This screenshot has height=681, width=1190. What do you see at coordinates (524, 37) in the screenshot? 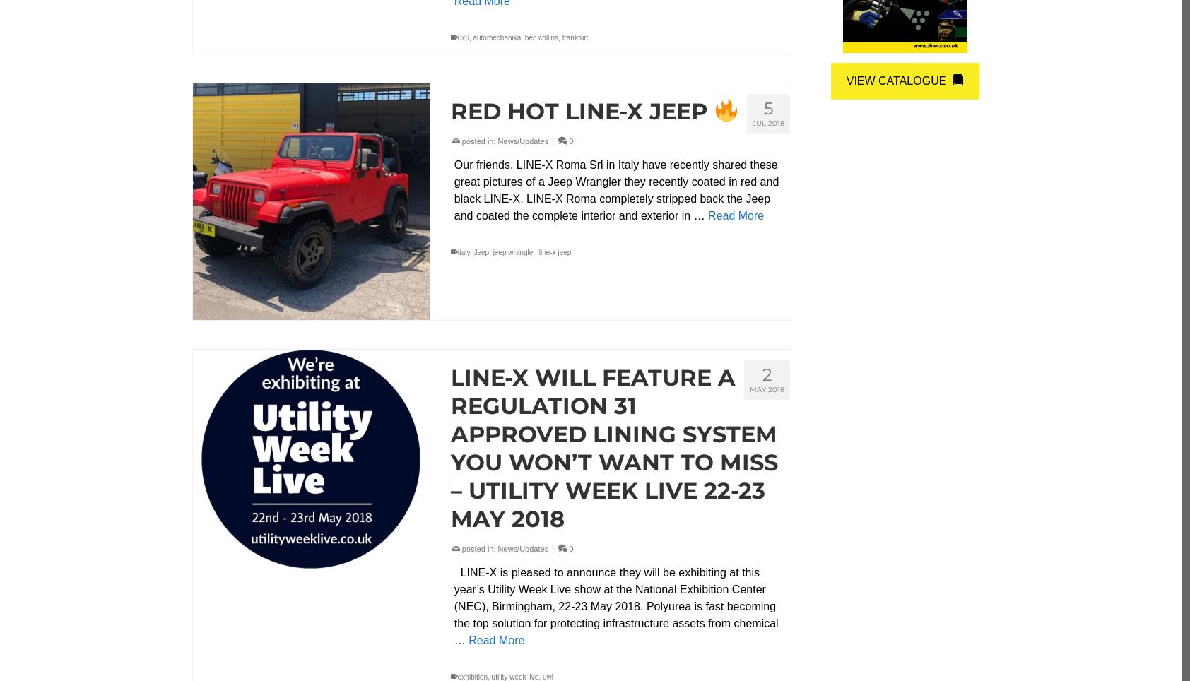
I see `'ben collins'` at bounding box center [524, 37].